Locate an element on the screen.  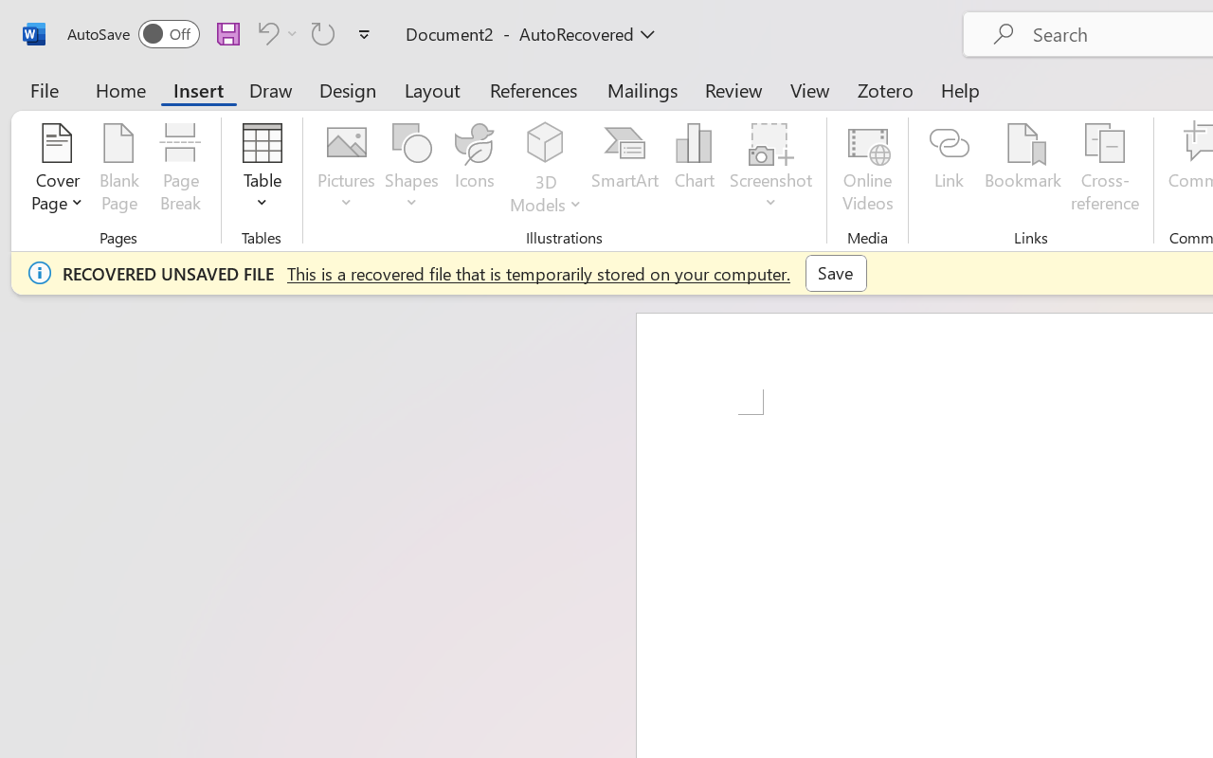
'Chart...' is located at coordinates (693, 170).